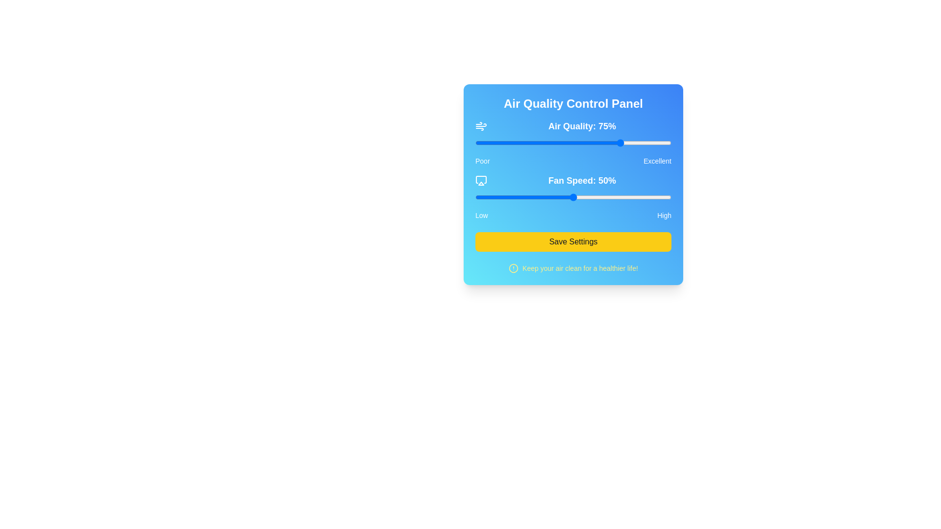 Image resolution: width=941 pixels, height=529 pixels. Describe the element at coordinates (573, 241) in the screenshot. I see `the save settings button located in the blue gradient-styled 'Air Quality Control Panel', positioned below the 'Air Quality' and 'Fan Speed' sliders` at that location.